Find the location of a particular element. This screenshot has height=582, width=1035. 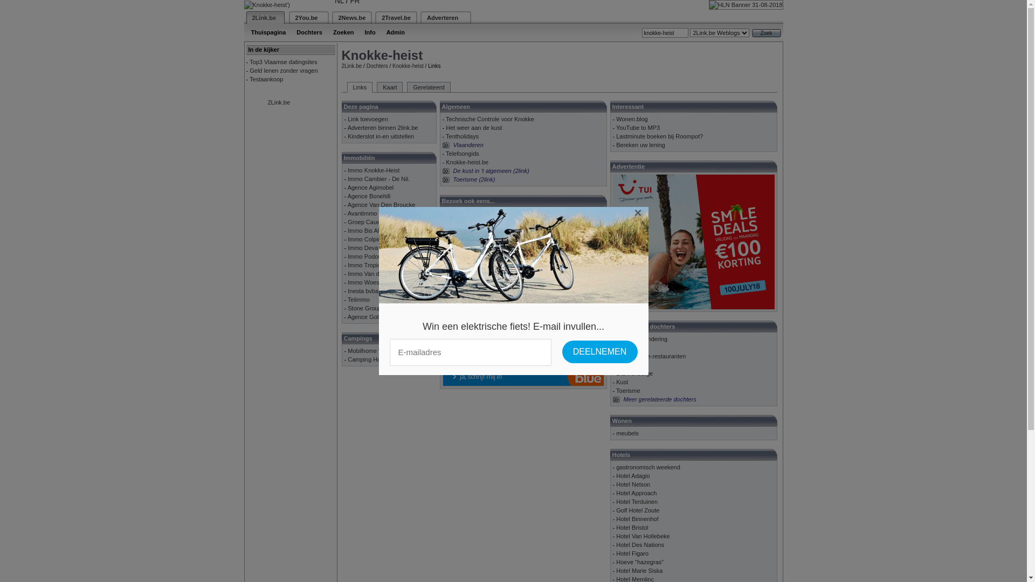

'Hotel Binnenhof' is located at coordinates (637, 518).